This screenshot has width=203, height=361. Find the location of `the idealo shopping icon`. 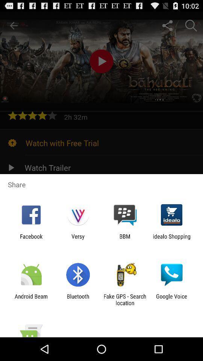

the idealo shopping icon is located at coordinates (171, 239).